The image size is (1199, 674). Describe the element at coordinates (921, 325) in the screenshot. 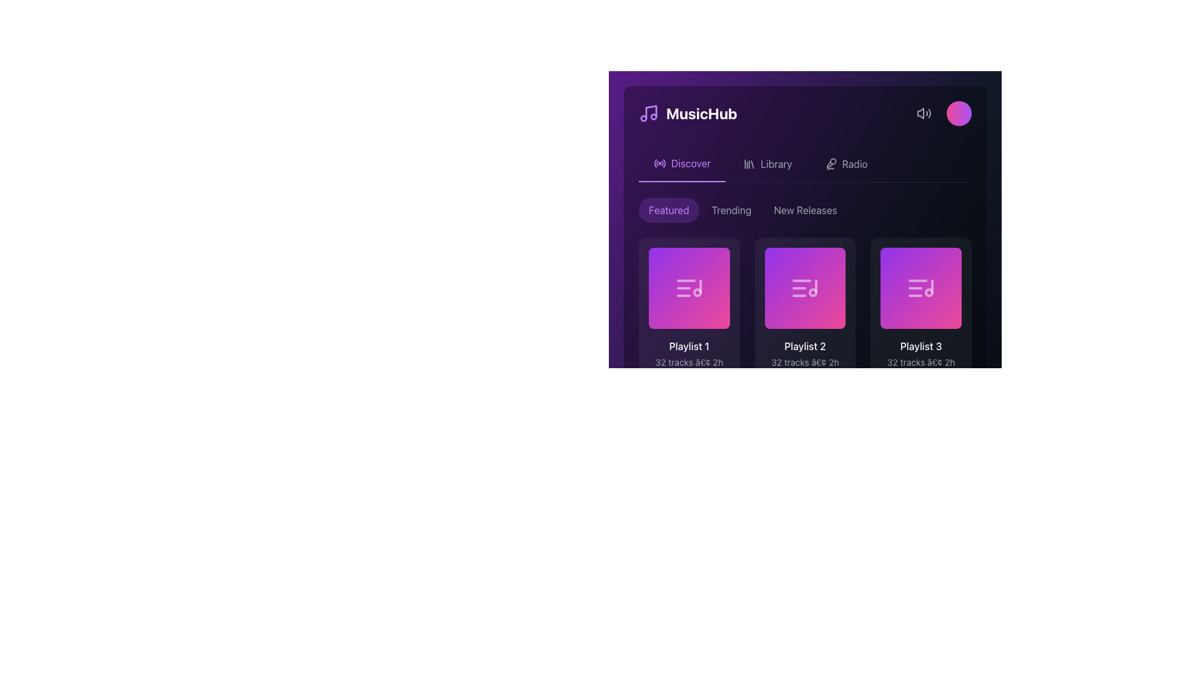

I see `the 'Playlist 3' card` at that location.